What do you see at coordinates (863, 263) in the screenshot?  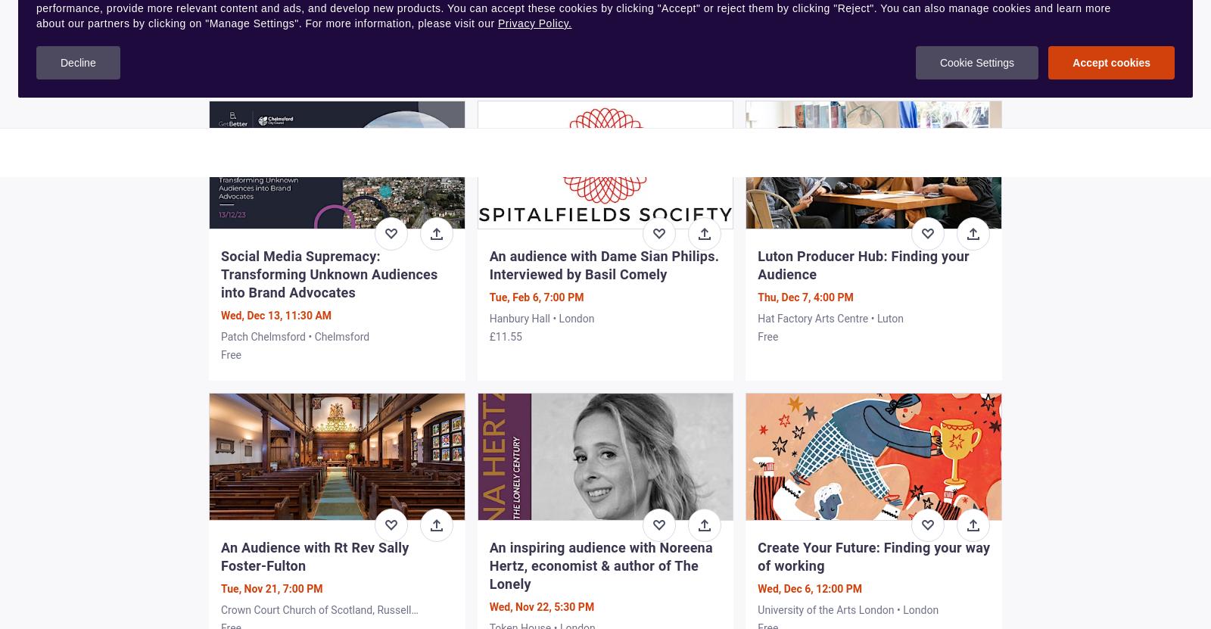 I see `'Luton Producer Hub: Finding your Audience'` at bounding box center [863, 263].